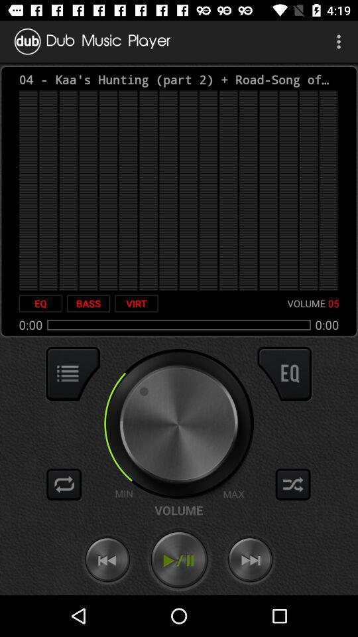 The width and height of the screenshot is (358, 637). Describe the element at coordinates (136, 303) in the screenshot. I see `icon next to the volume item` at that location.